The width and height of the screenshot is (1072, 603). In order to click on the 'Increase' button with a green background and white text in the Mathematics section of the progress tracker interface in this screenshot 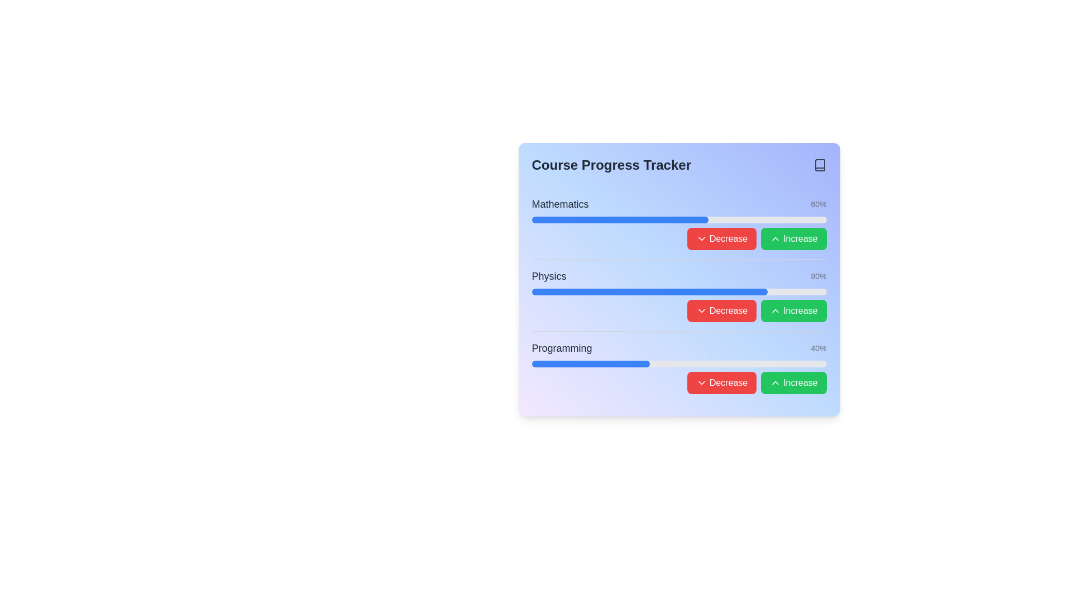, I will do `click(793, 238)`.